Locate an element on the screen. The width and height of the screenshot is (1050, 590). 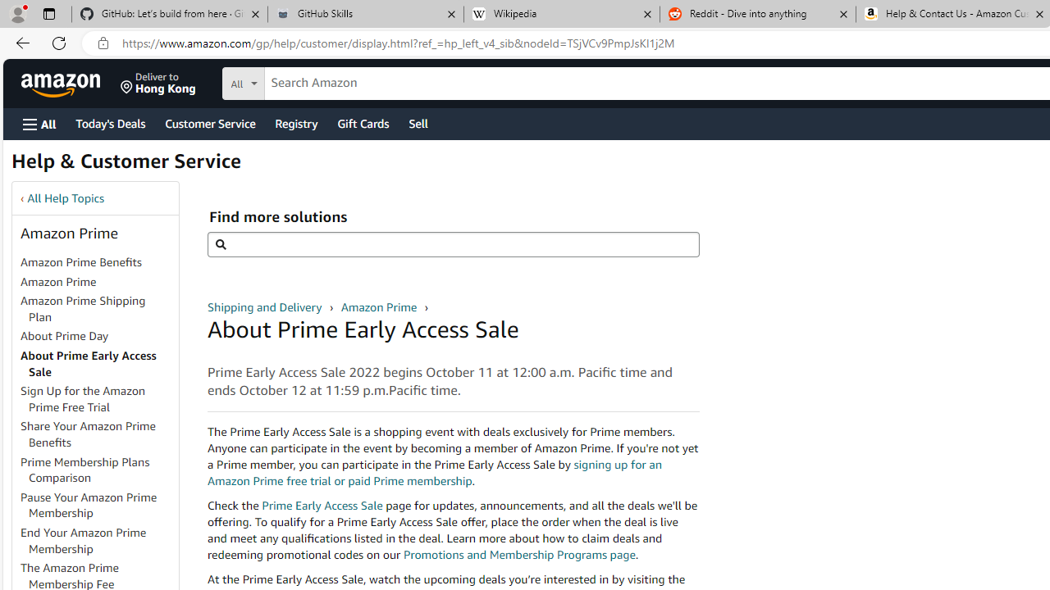
'About Prime Early Access Sale' is located at coordinates (98, 363).